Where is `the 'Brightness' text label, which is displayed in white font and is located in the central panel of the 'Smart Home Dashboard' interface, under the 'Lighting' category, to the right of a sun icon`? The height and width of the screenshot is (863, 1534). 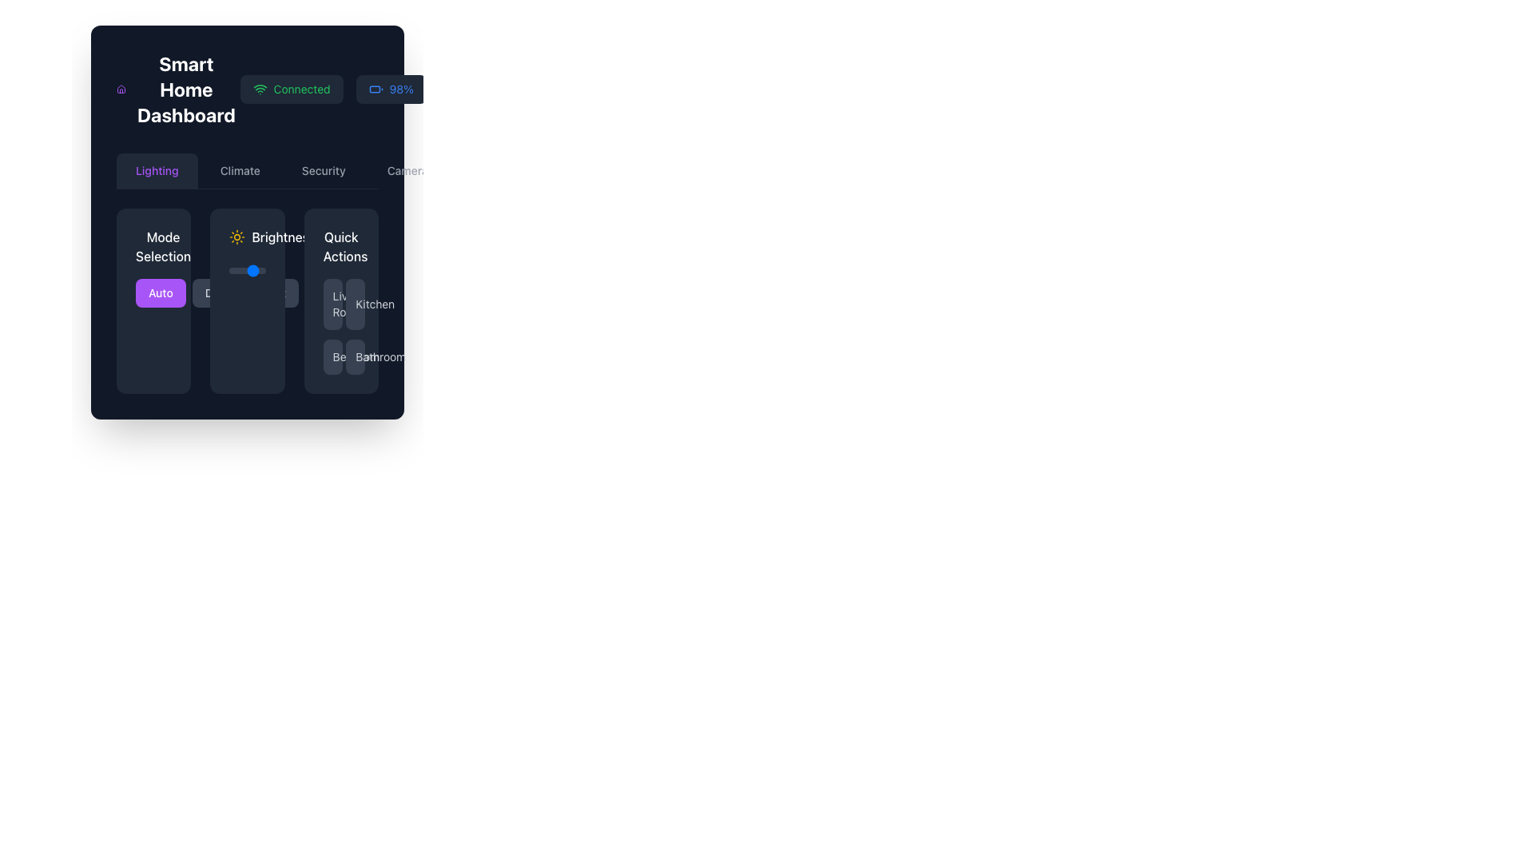
the 'Brightness' text label, which is displayed in white font and is located in the central panel of the 'Smart Home Dashboard' interface, under the 'Lighting' category, to the right of a sun icon is located at coordinates (284, 237).